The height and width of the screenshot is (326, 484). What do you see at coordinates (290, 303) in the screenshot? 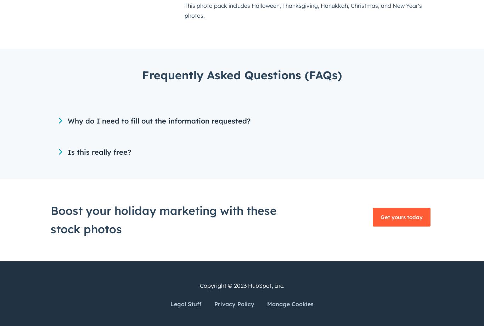
I see `'Manage Cookies'` at bounding box center [290, 303].